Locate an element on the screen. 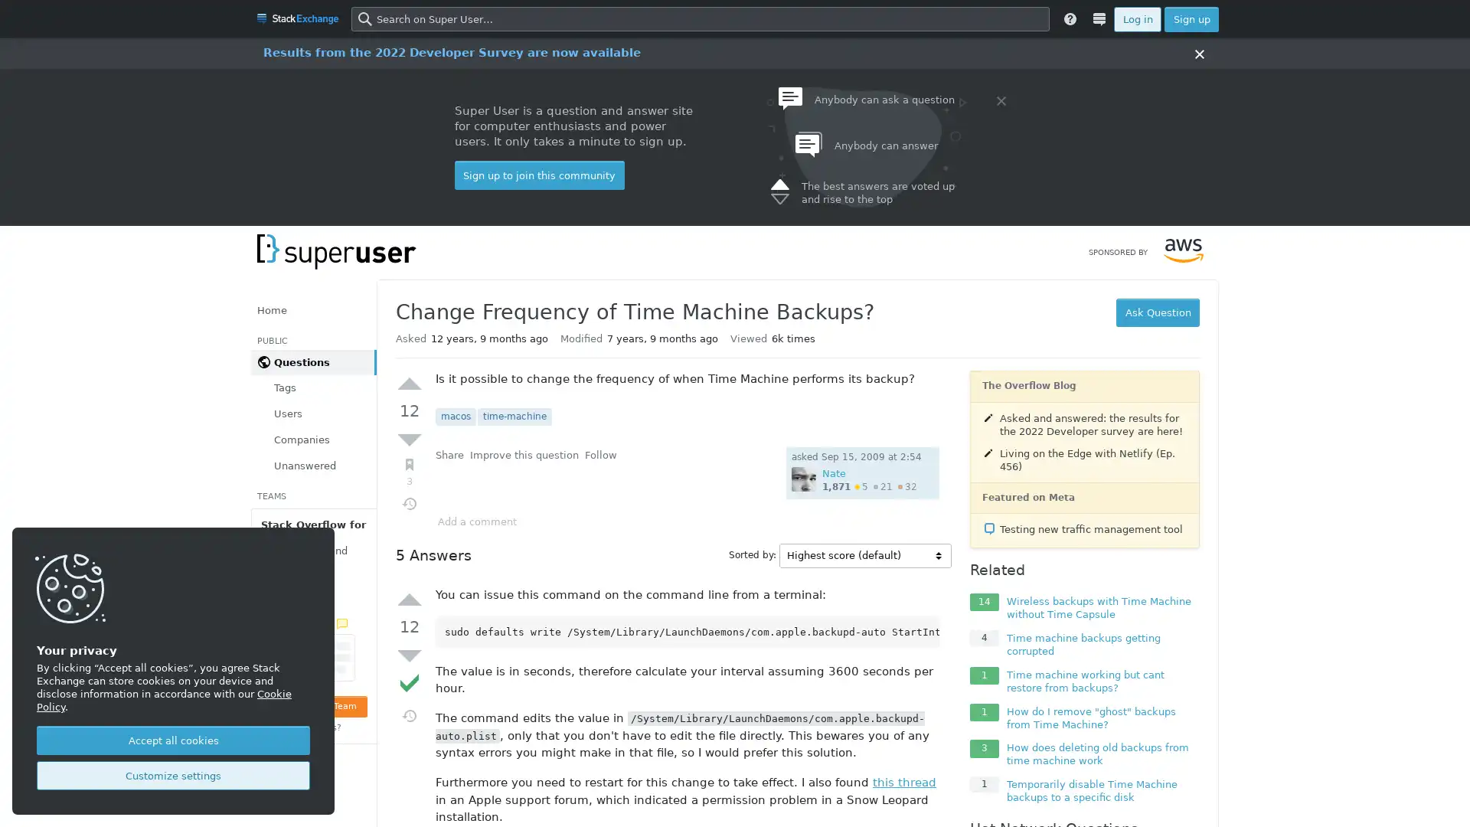 The height and width of the screenshot is (827, 1470). Accept all cookies is located at coordinates (173, 740).